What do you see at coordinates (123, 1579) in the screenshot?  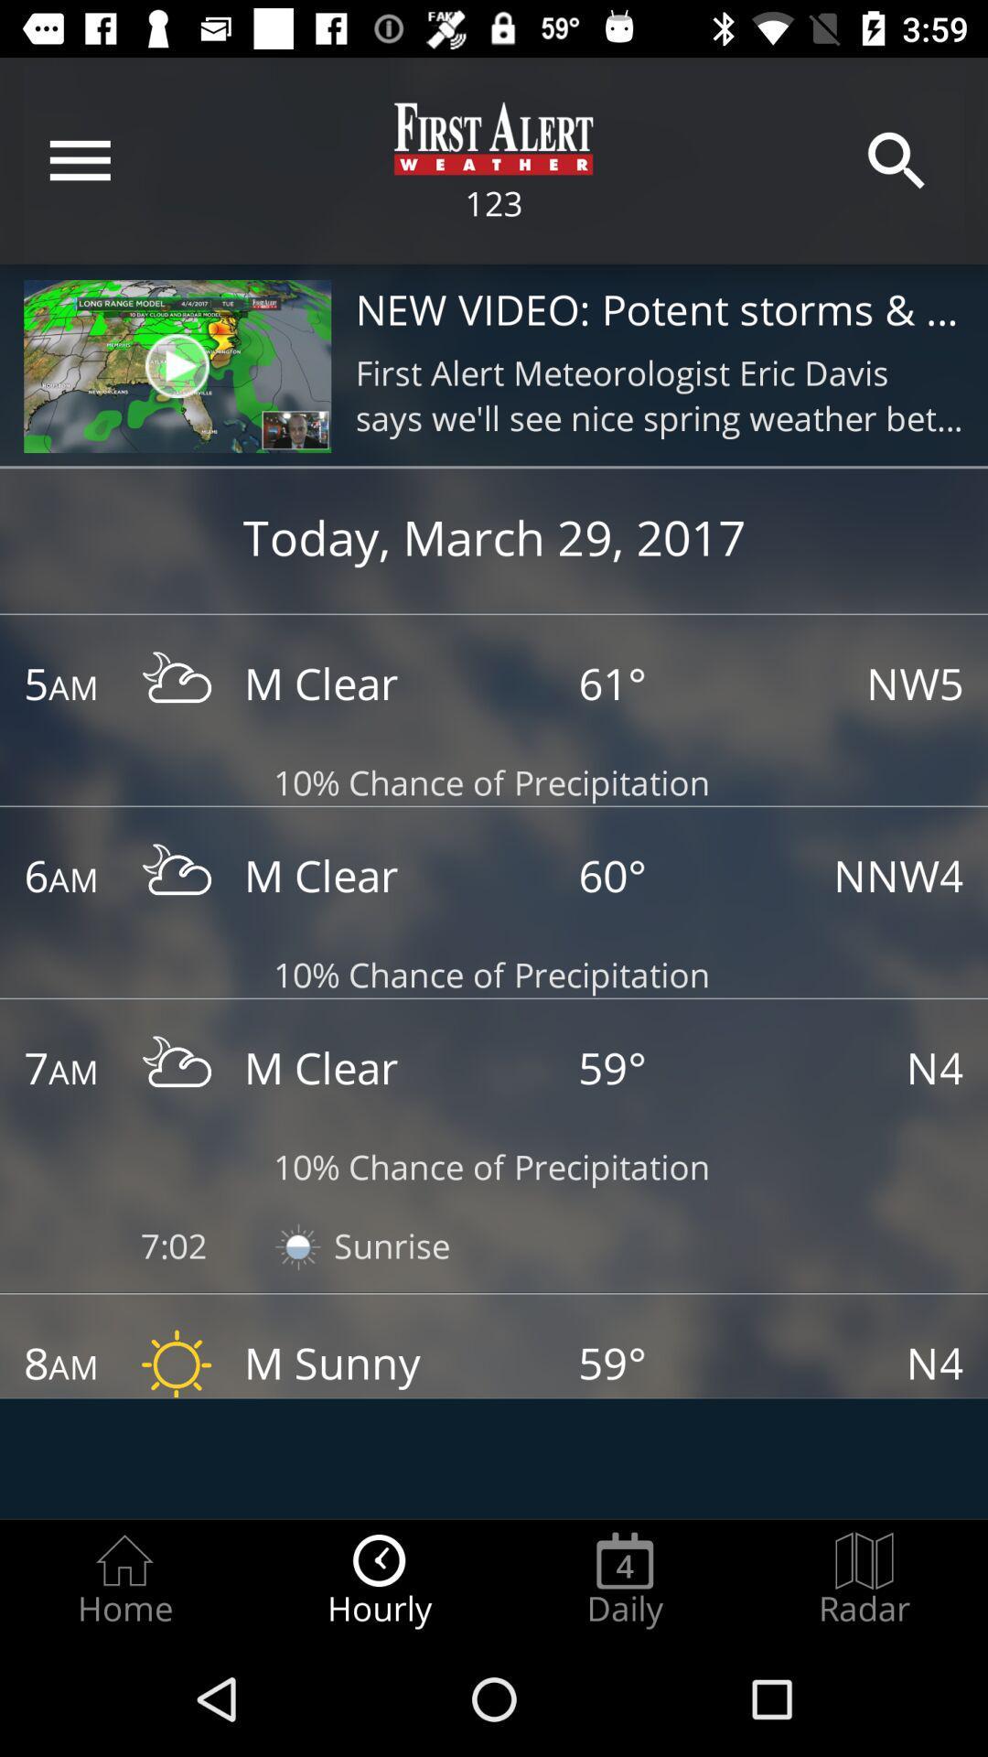 I see `the home` at bounding box center [123, 1579].